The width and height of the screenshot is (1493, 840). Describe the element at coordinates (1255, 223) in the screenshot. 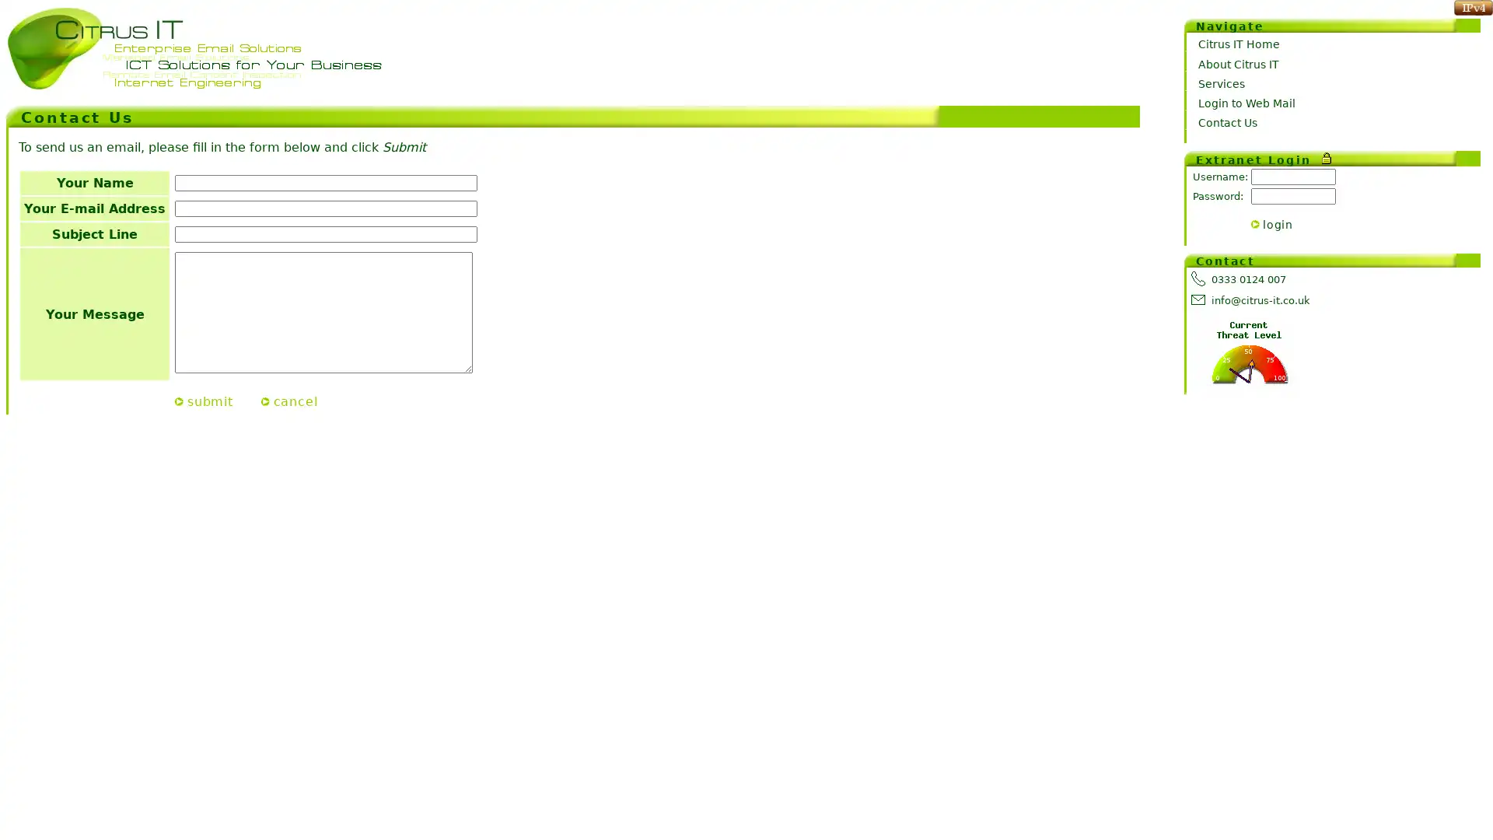

I see `>` at that location.